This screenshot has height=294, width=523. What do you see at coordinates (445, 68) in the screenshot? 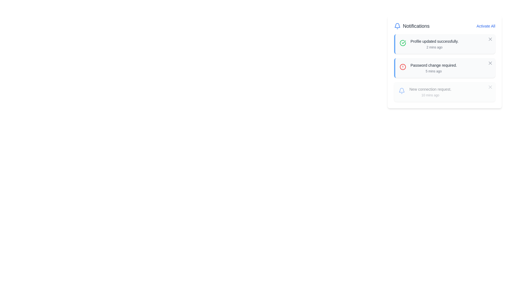
I see `the close icon within the notification card that has a light gray background and contains the message 'Password change required.'` at bounding box center [445, 68].